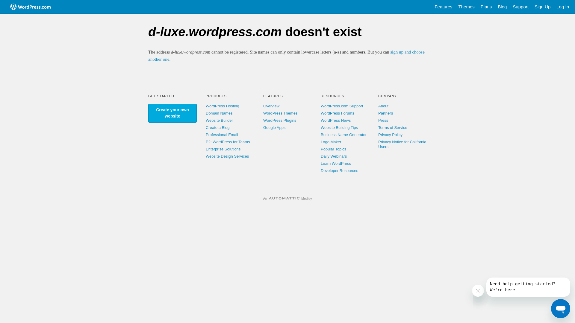 This screenshot has width=575, height=323. What do you see at coordinates (431, 7) in the screenshot?
I see `'Features'` at bounding box center [431, 7].